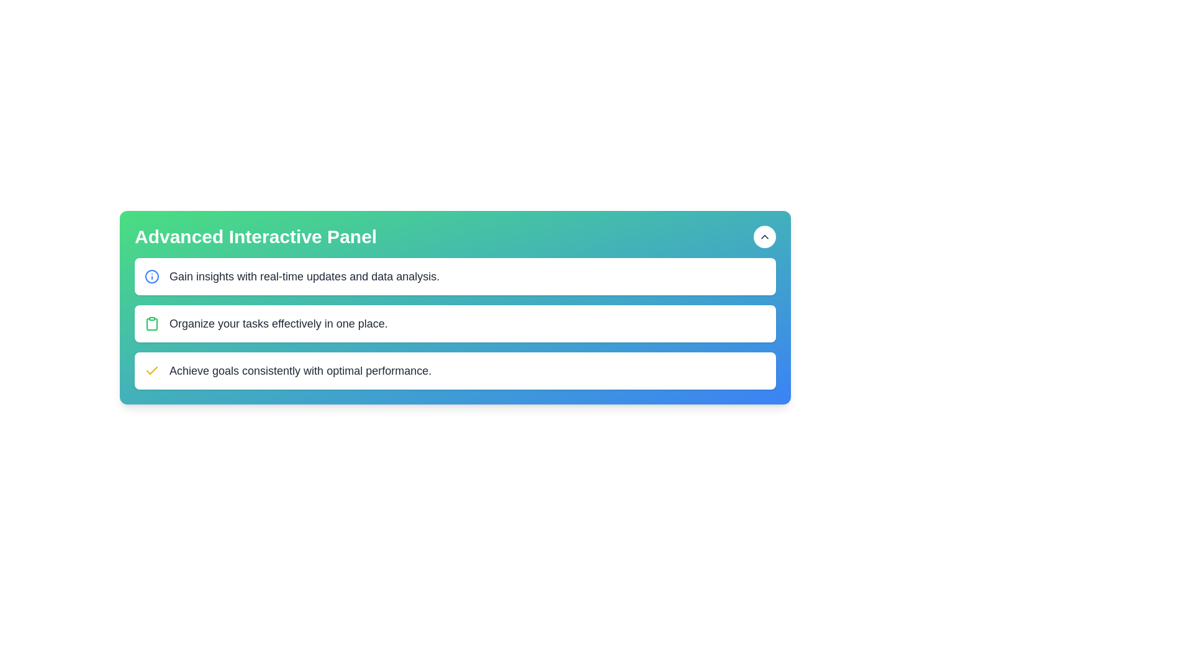  I want to click on the informational card located in the third row of a vertically stacked list, conveying information about achieving goals with optimal performance, so click(454, 370).